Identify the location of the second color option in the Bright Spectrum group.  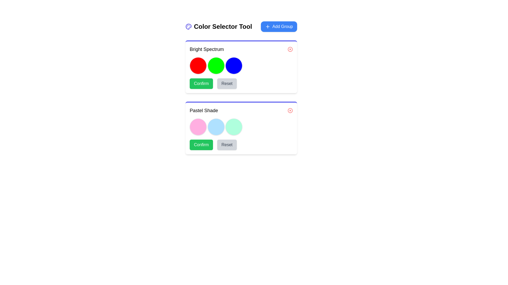
(216, 65).